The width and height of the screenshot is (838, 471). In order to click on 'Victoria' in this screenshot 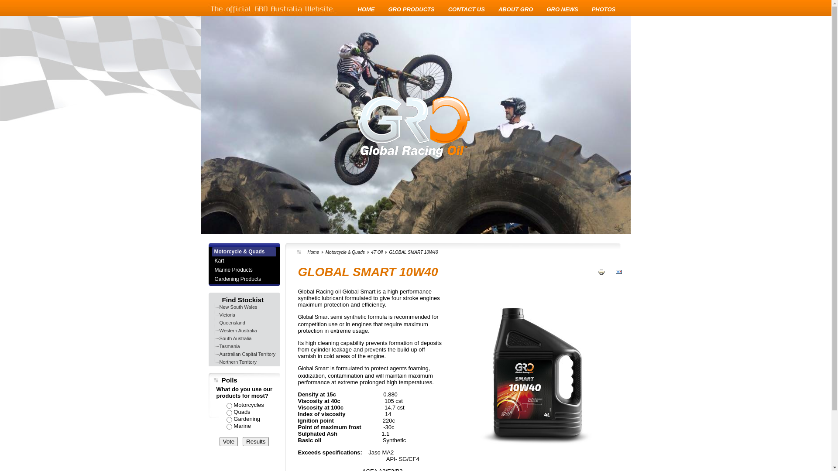, I will do `click(218, 314)`.